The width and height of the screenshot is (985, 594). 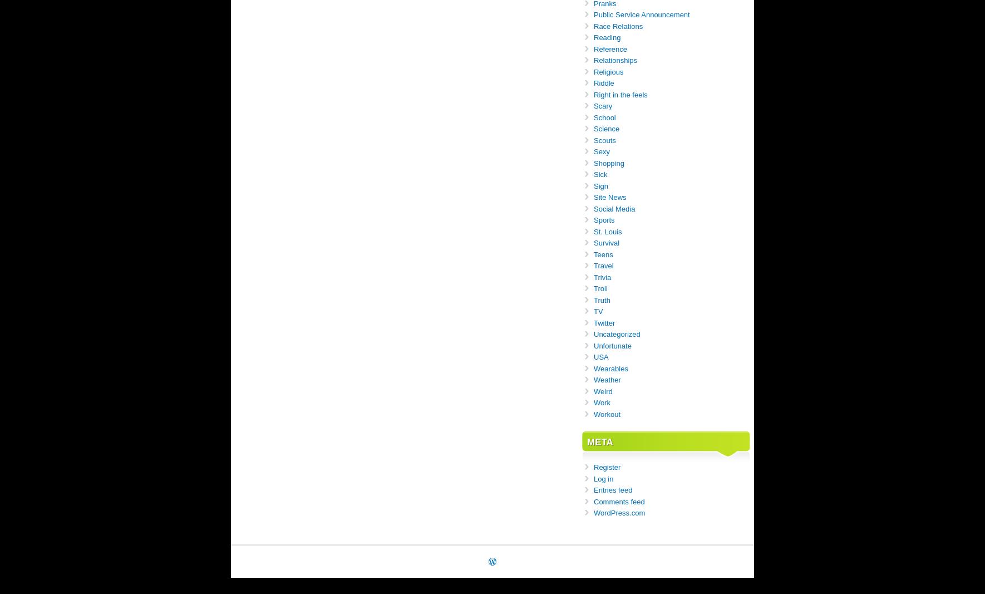 I want to click on 'Weather', so click(x=607, y=380).